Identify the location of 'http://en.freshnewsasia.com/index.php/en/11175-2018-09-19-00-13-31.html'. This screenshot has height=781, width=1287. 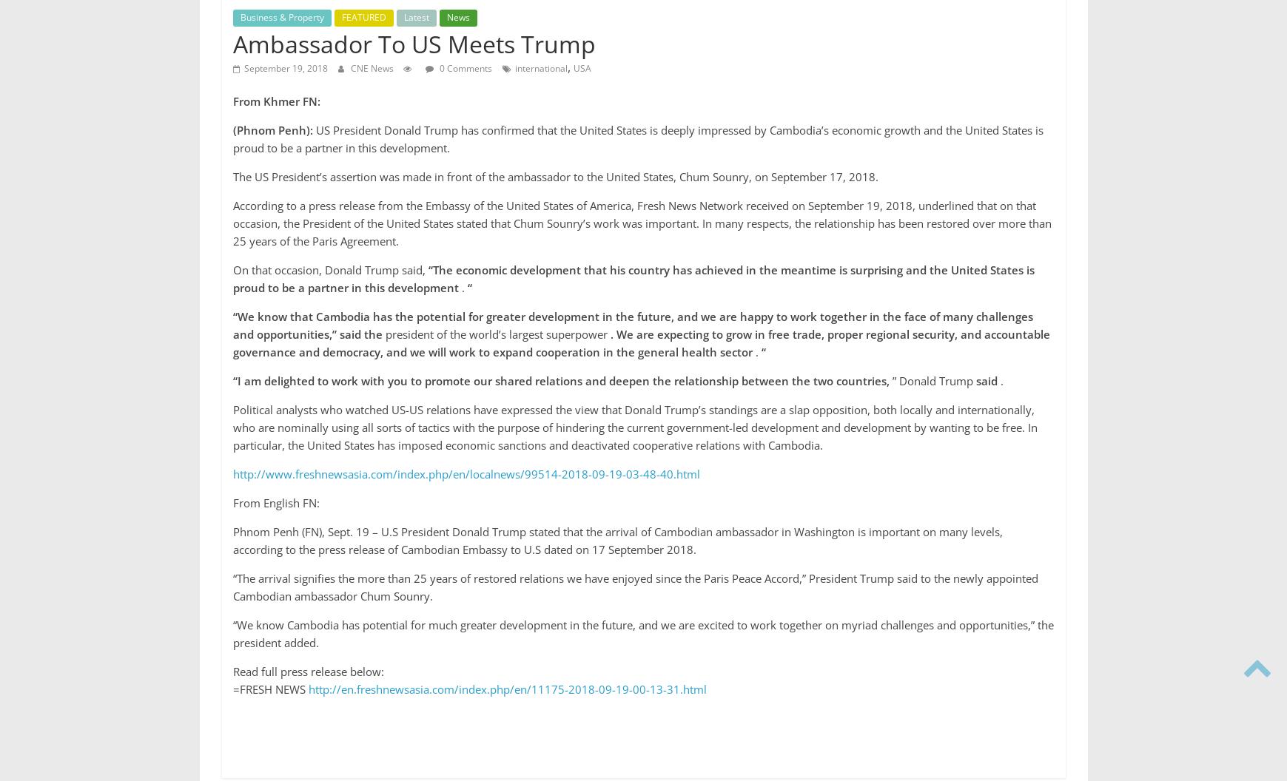
(505, 688).